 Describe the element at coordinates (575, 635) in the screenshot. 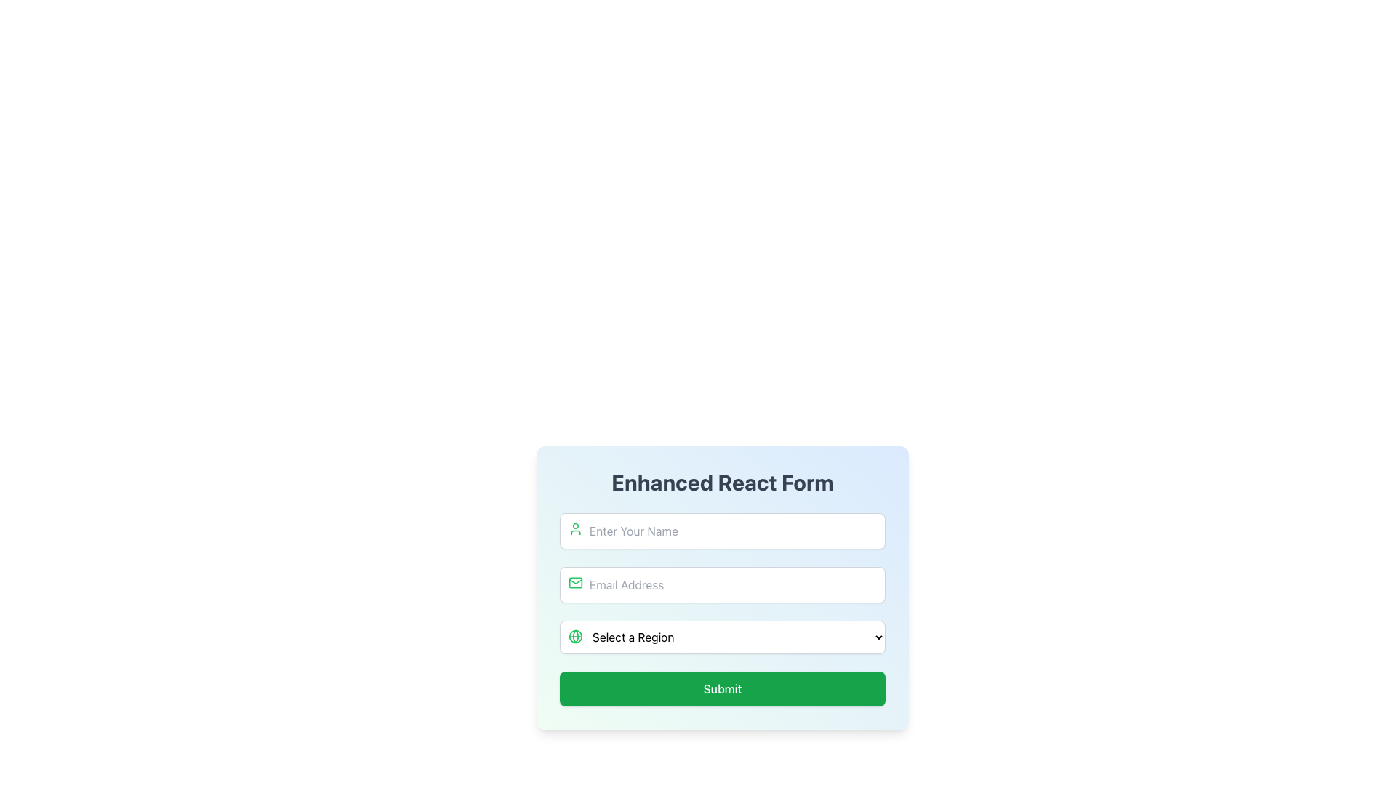

I see `the central circle of the globe icon, which visually represents the dropdown's regional selection functionality, located at the upper left corner of the 'Select a Region' dropdown field` at that location.